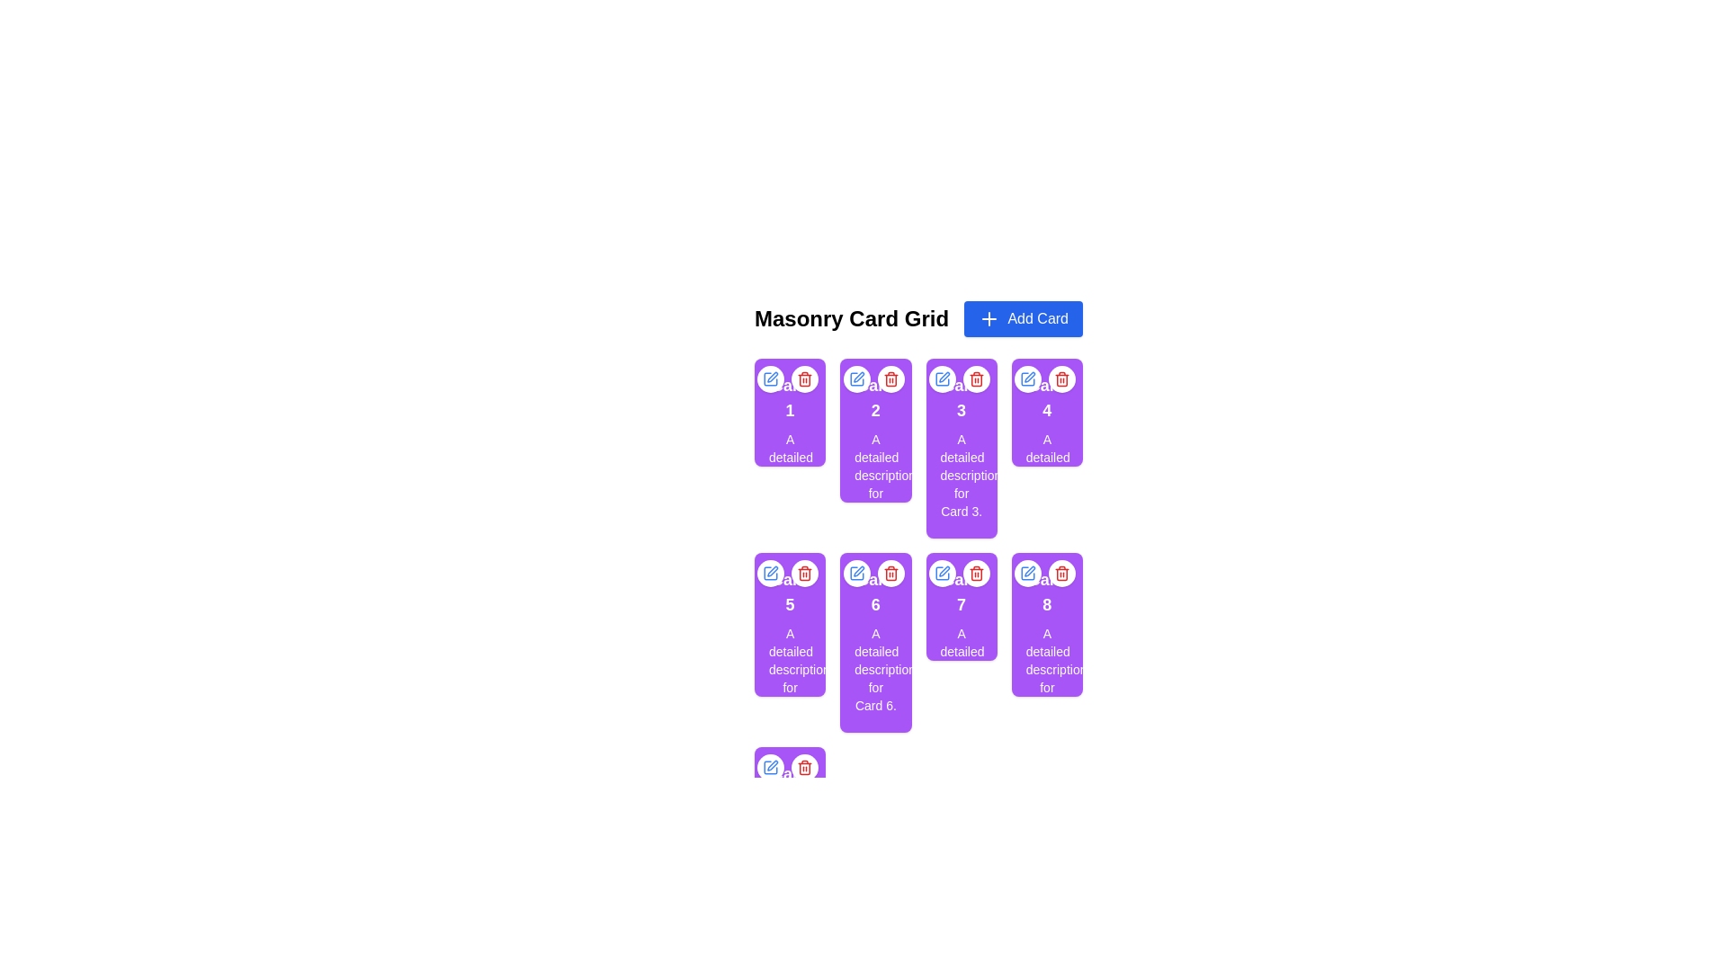 The height and width of the screenshot is (971, 1727). Describe the element at coordinates (943, 376) in the screenshot. I see `the small blue pen icon located in the top-right corner of card number '3' in the Masonry Card Grid to initiate the editing process` at that location.